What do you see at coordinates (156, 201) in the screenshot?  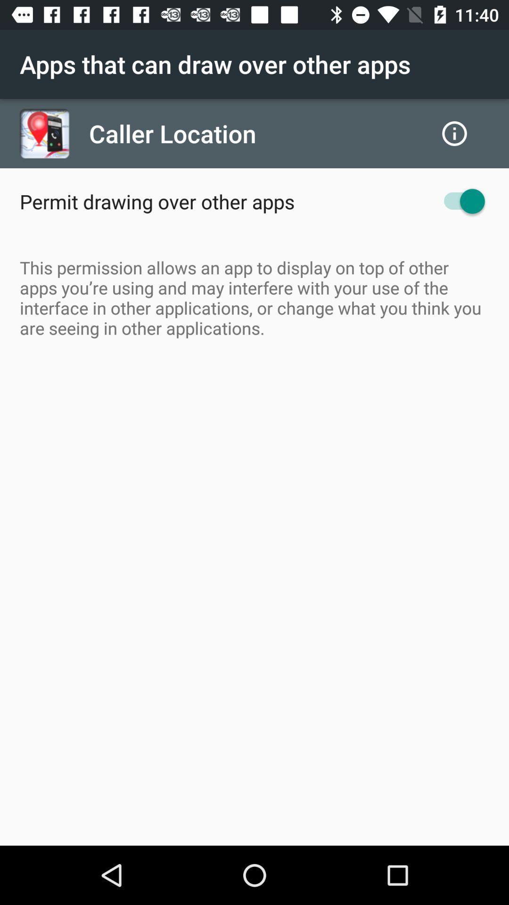 I see `item above this permission allows` at bounding box center [156, 201].